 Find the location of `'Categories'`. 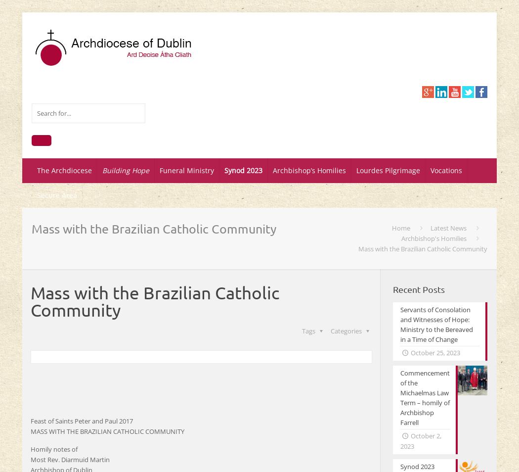

'Categories' is located at coordinates (346, 330).